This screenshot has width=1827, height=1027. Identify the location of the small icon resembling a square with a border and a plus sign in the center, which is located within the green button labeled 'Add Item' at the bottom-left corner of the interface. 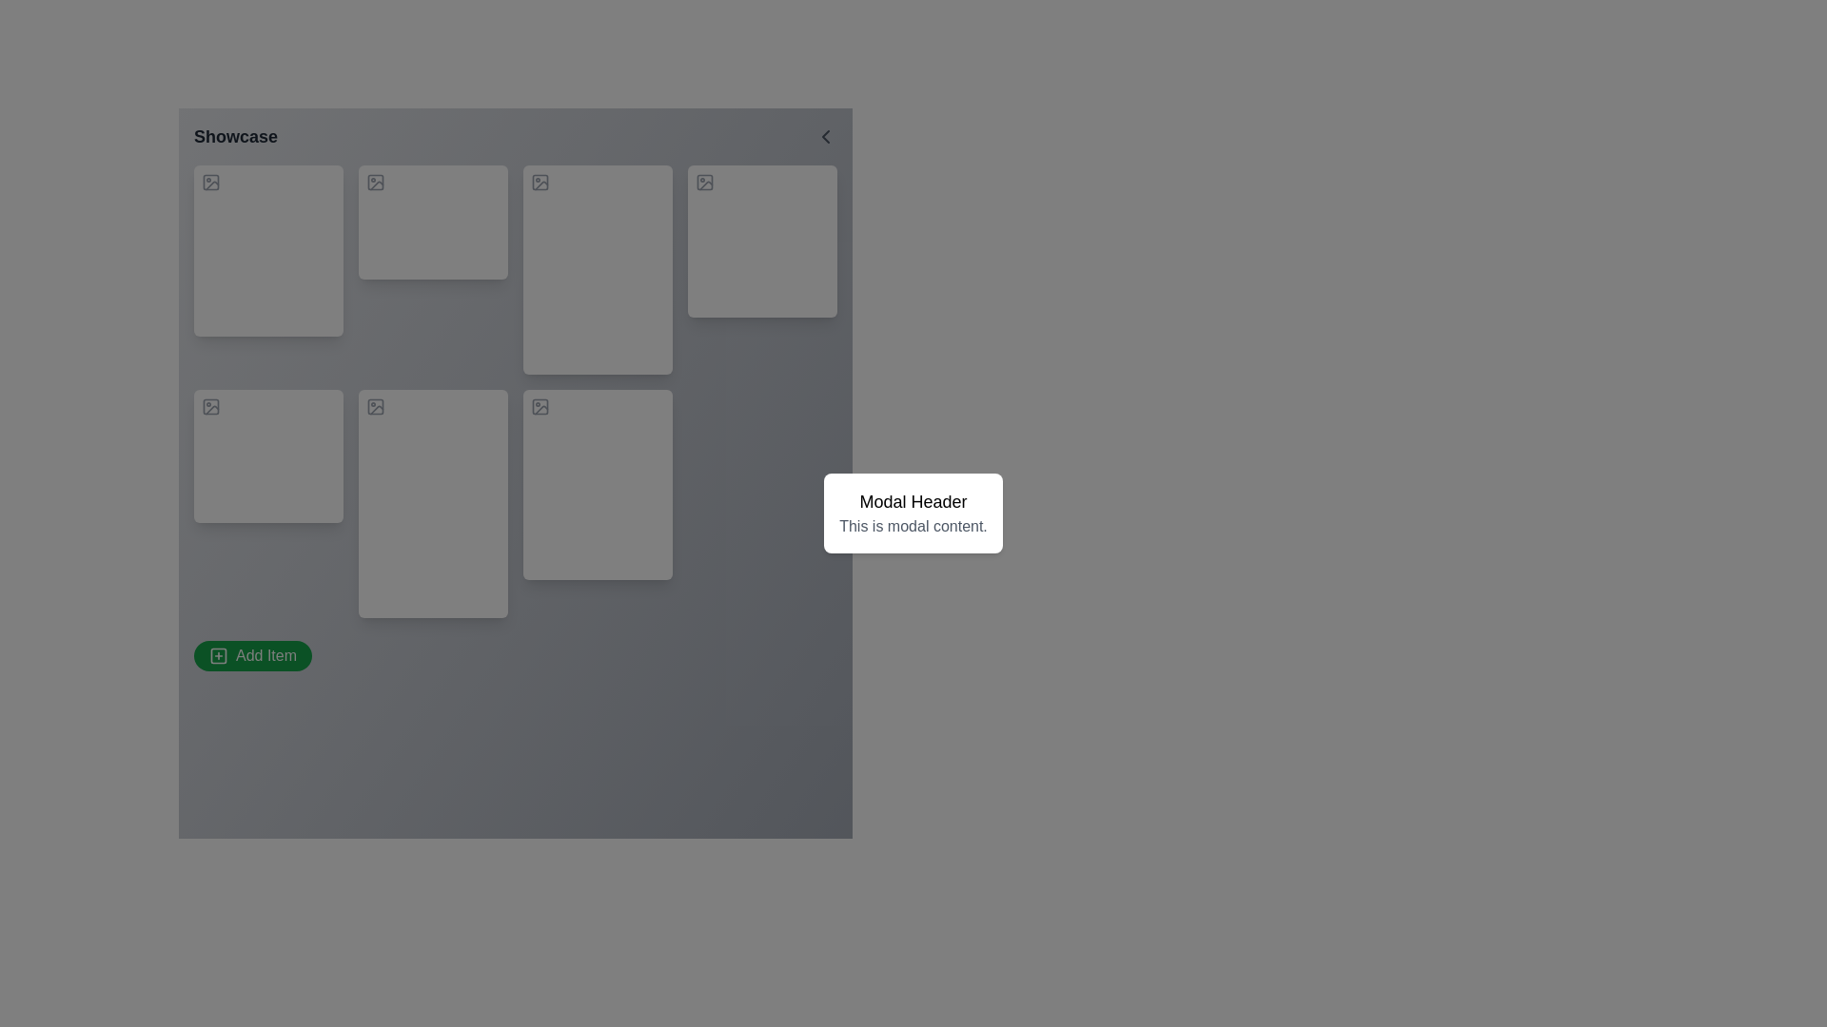
(219, 655).